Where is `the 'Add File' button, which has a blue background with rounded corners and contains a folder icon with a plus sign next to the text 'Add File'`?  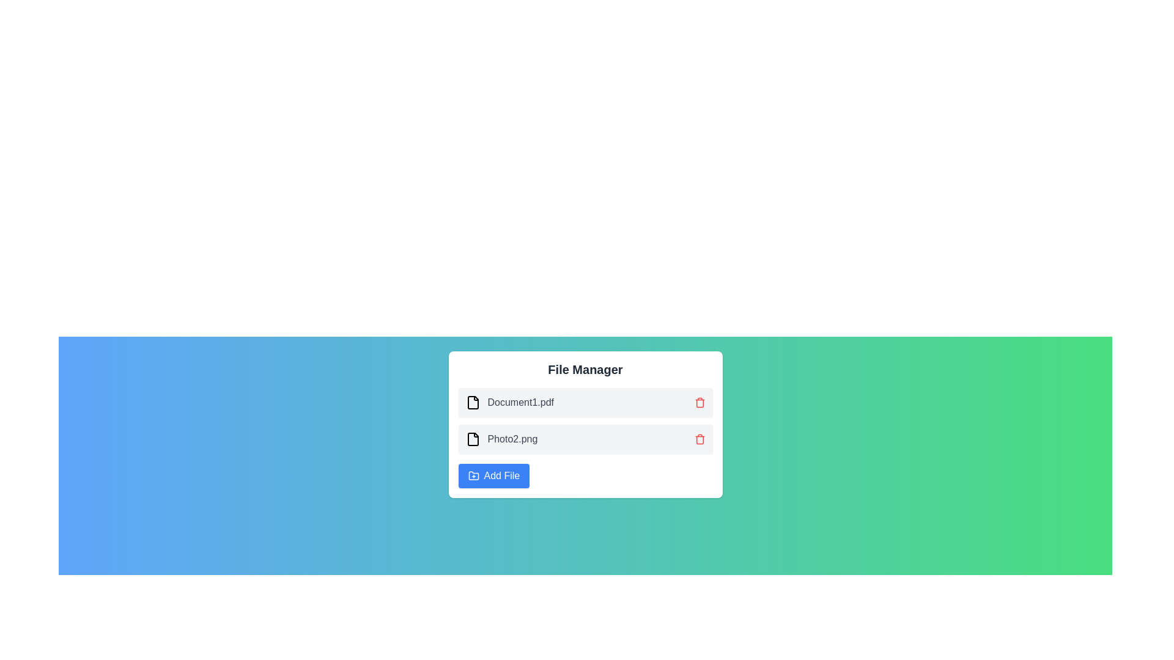
the 'Add File' button, which has a blue background with rounded corners and contains a folder icon with a plus sign next to the text 'Add File' is located at coordinates (493, 475).